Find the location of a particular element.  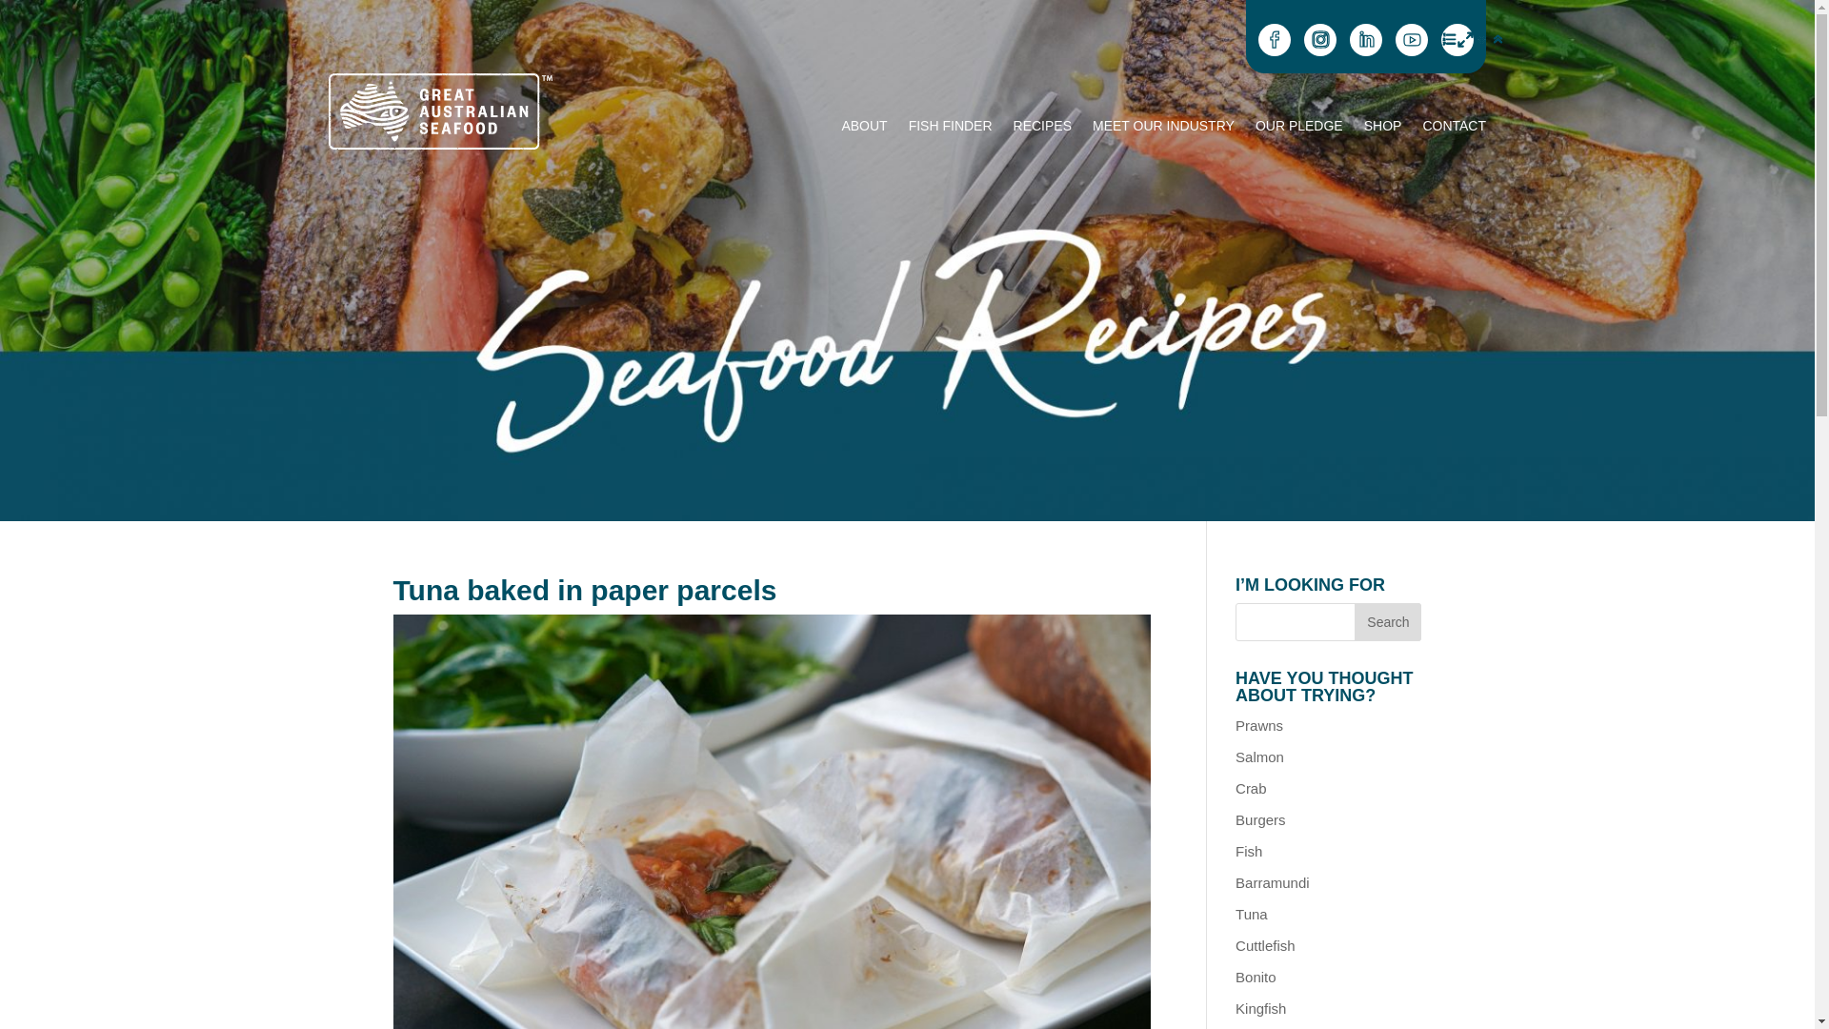

'Kingfish' is located at coordinates (1260, 1007).